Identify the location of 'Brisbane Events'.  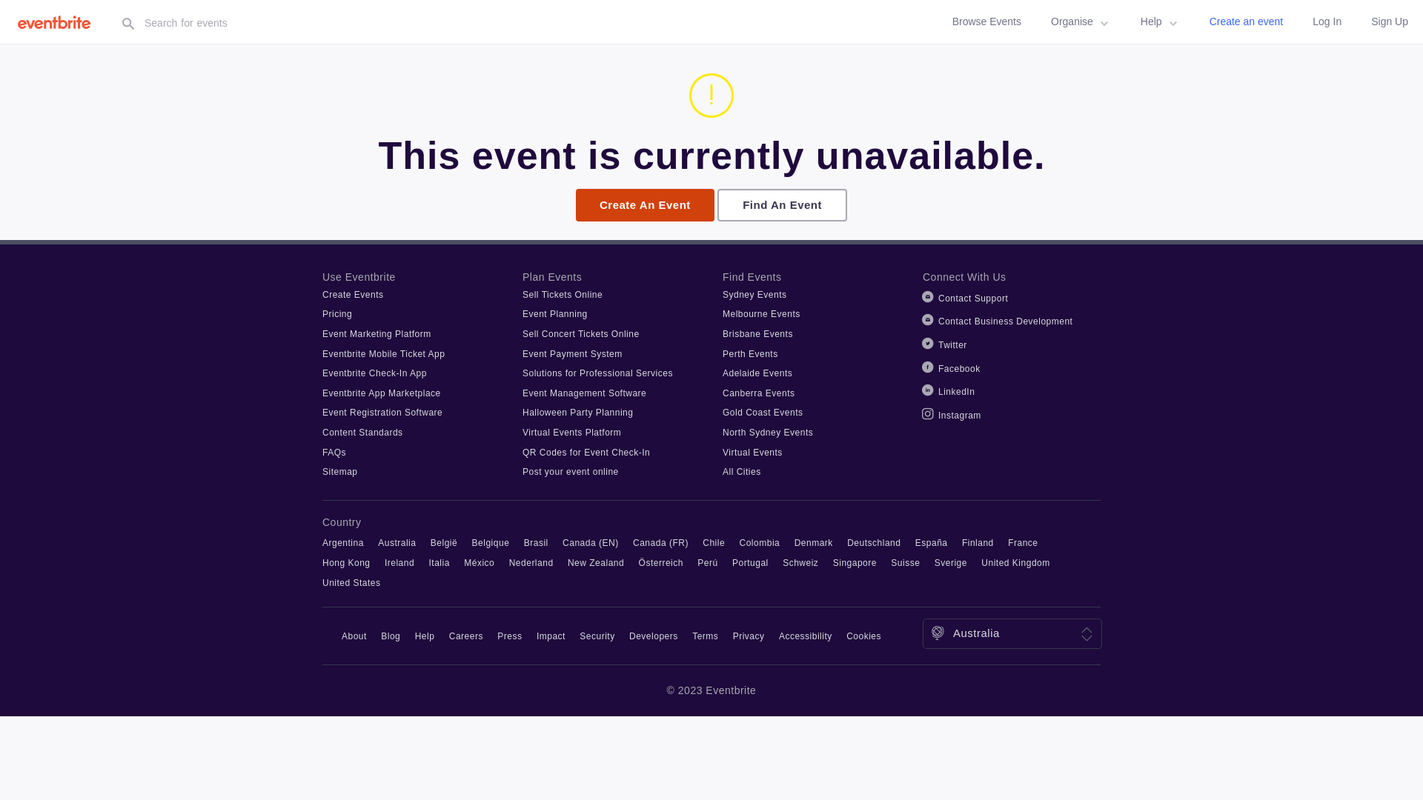
(757, 334).